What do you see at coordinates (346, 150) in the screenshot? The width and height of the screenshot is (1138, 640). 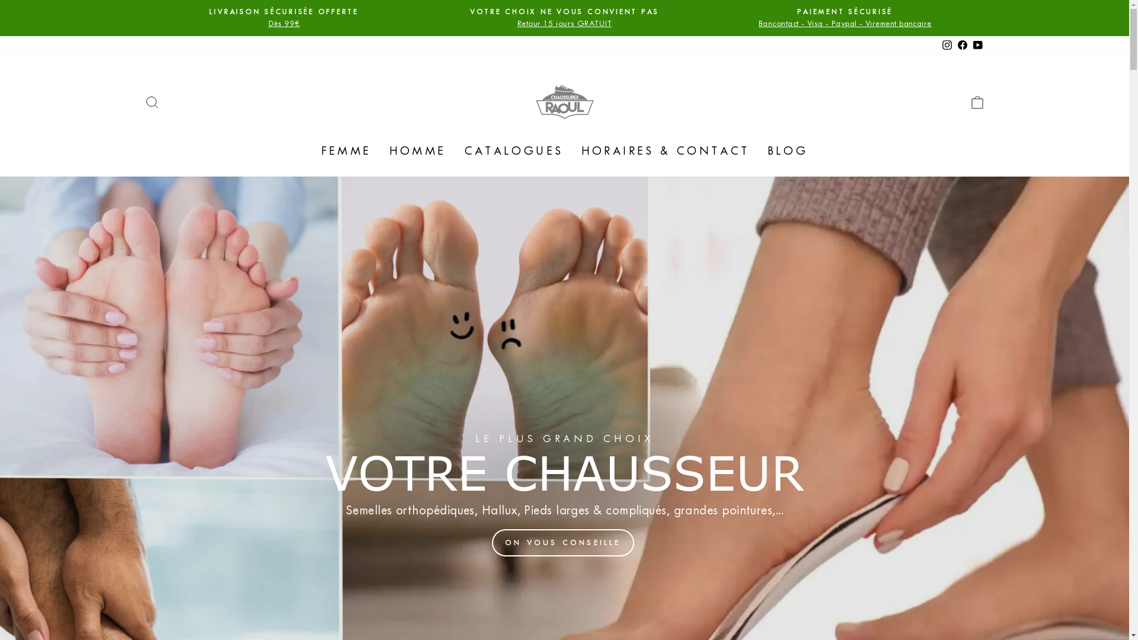 I see `'FEMME'` at bounding box center [346, 150].